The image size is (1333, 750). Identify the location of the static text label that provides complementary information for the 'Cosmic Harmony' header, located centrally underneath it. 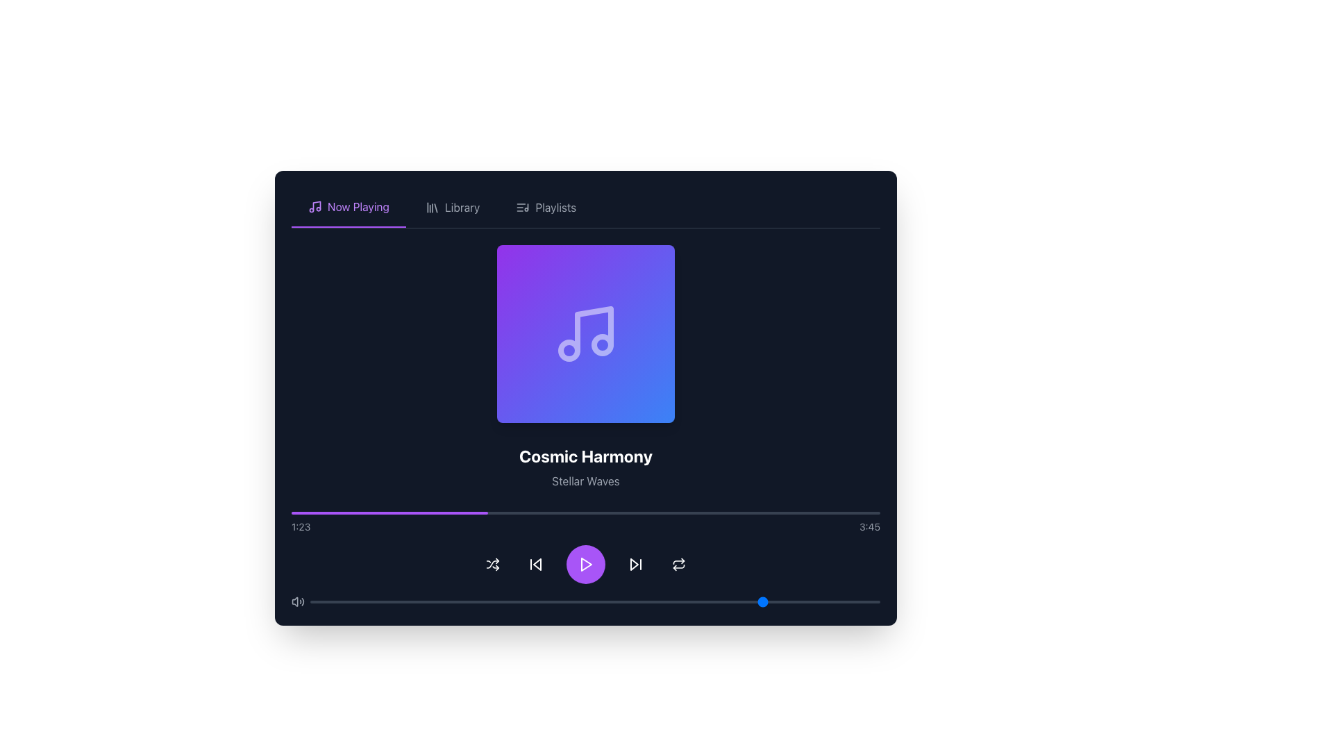
(586, 481).